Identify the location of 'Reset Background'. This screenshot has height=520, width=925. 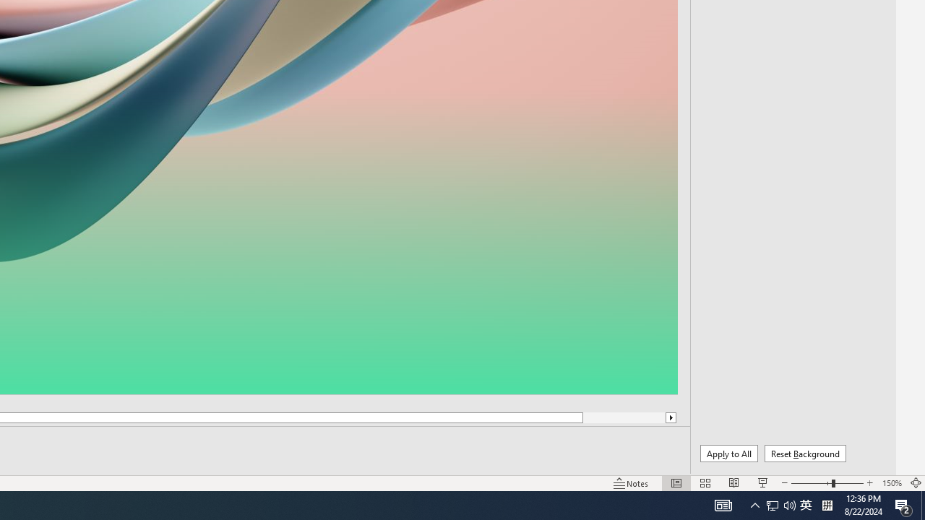
(804, 453).